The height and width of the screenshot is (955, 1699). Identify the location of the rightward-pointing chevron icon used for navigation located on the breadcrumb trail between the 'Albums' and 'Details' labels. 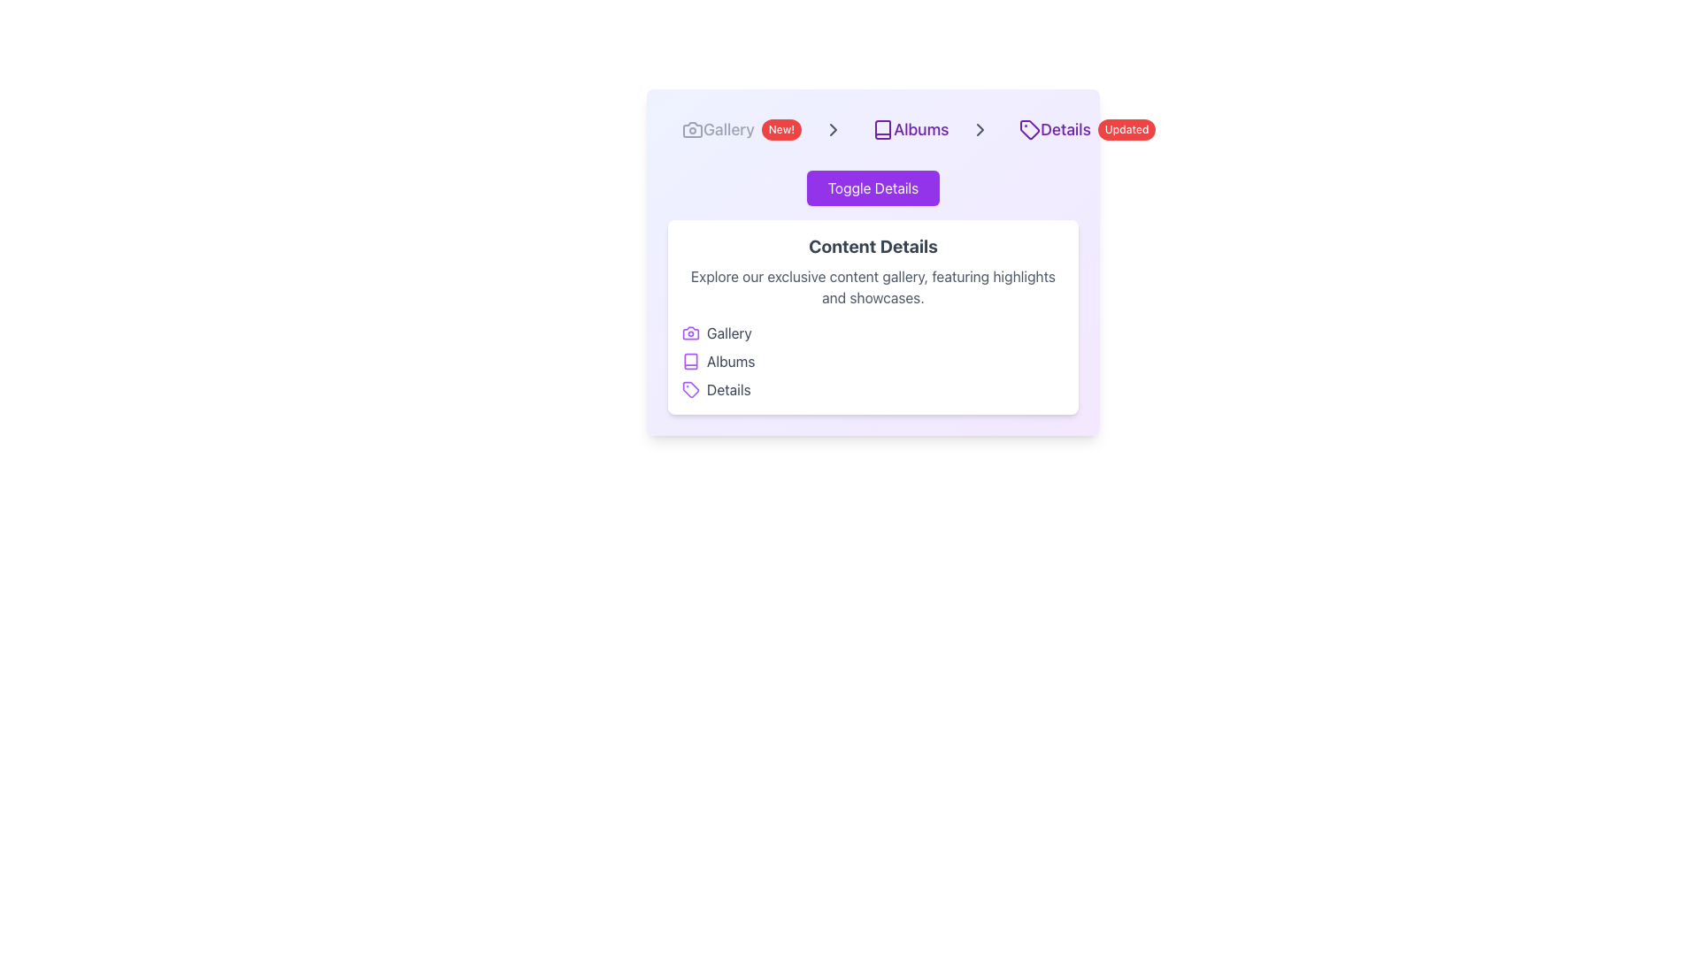
(980, 128).